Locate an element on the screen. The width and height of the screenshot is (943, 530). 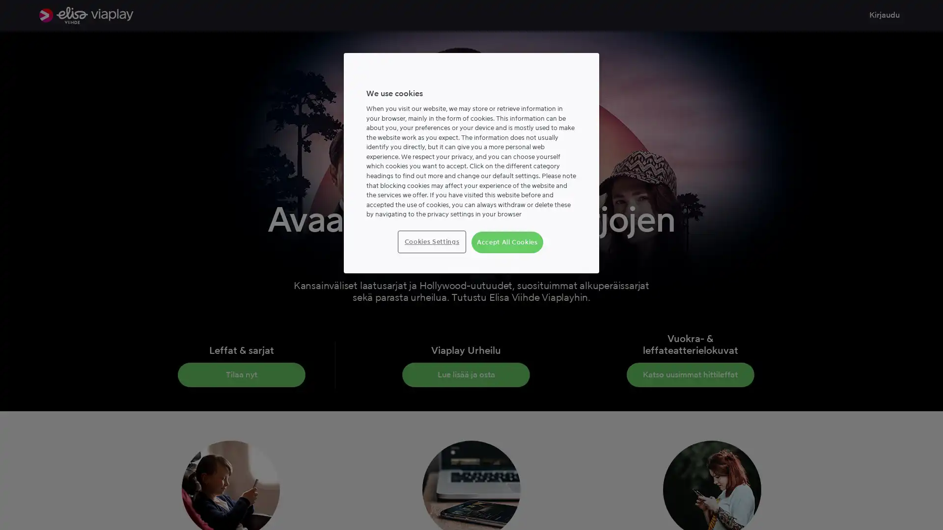
Accept All Cookies is located at coordinates (507, 242).